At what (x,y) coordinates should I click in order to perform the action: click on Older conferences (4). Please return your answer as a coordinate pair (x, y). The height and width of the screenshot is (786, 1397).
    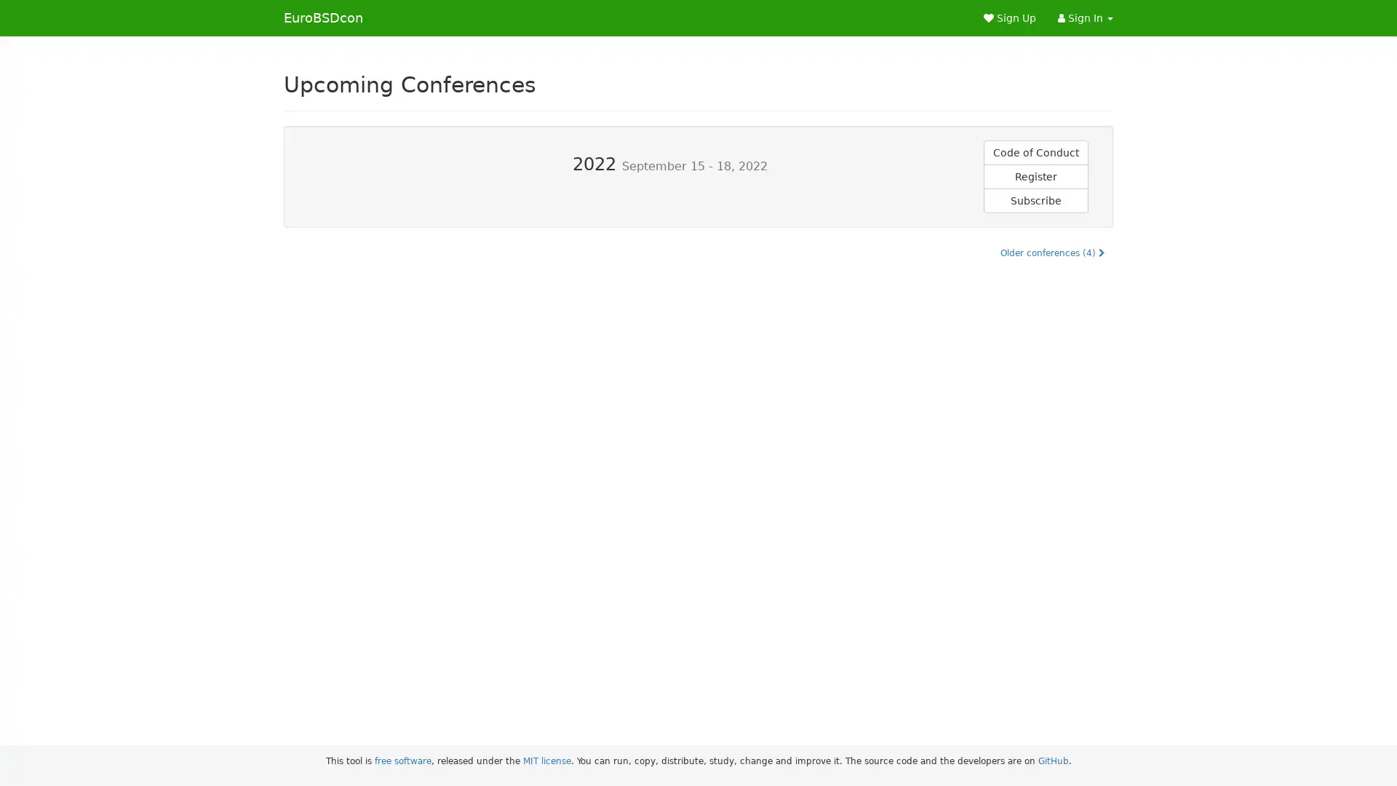
    Looking at the image, I should click on (1052, 252).